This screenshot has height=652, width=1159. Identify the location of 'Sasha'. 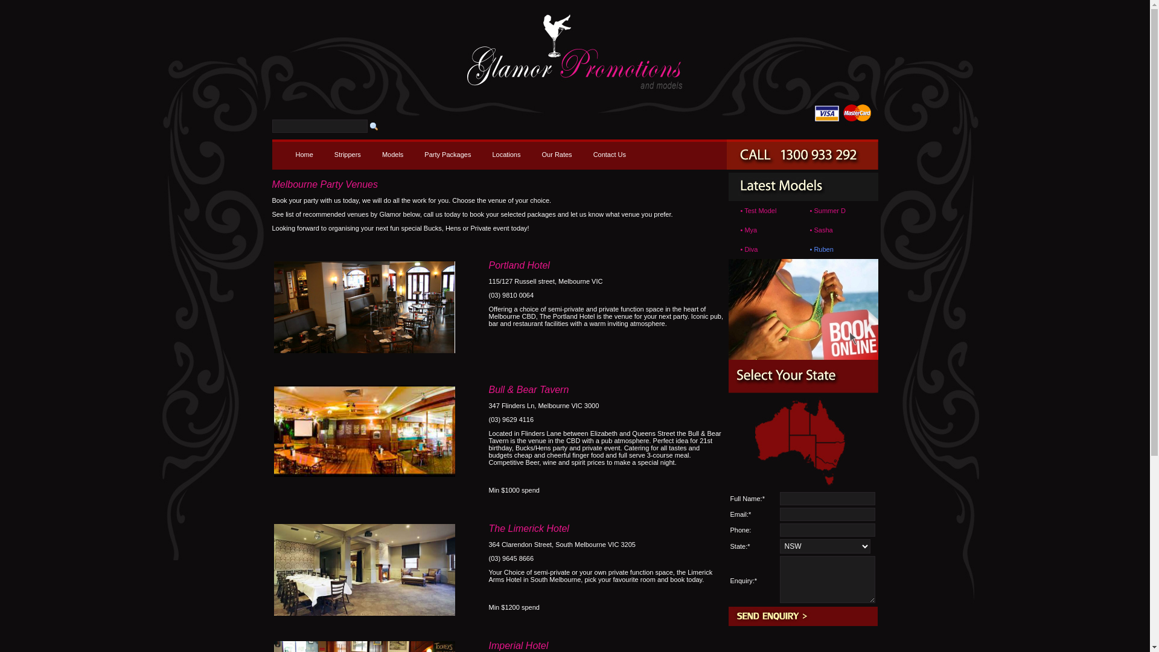
(814, 230).